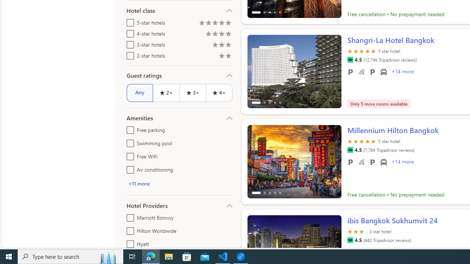 This screenshot has height=264, width=470. Describe the element at coordinates (166, 92) in the screenshot. I see `'2+'` at that location.